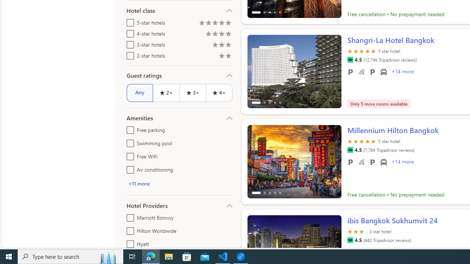 This screenshot has height=264, width=470. Describe the element at coordinates (166, 92) in the screenshot. I see `'2+'` at that location.